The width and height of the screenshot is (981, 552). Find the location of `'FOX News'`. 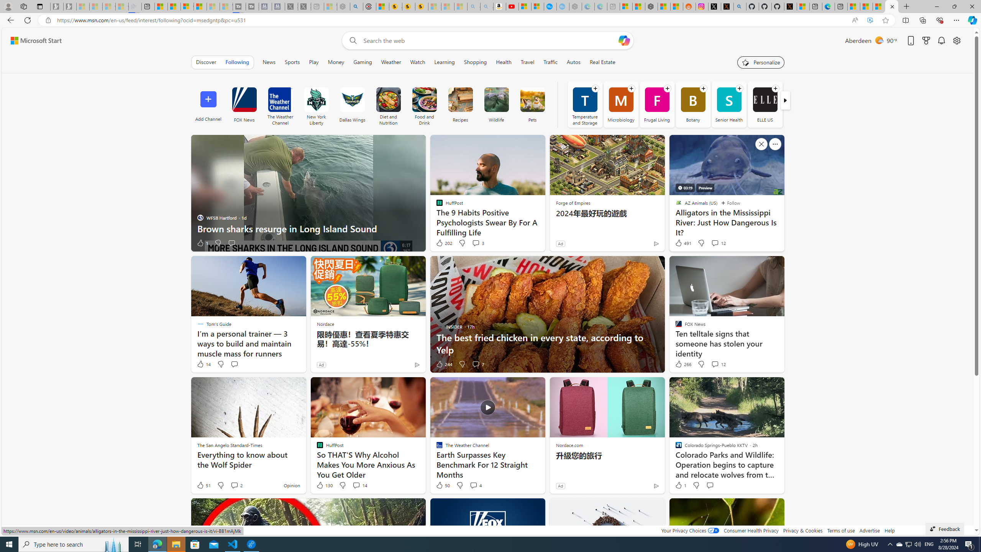

'FOX News' is located at coordinates (244, 104).